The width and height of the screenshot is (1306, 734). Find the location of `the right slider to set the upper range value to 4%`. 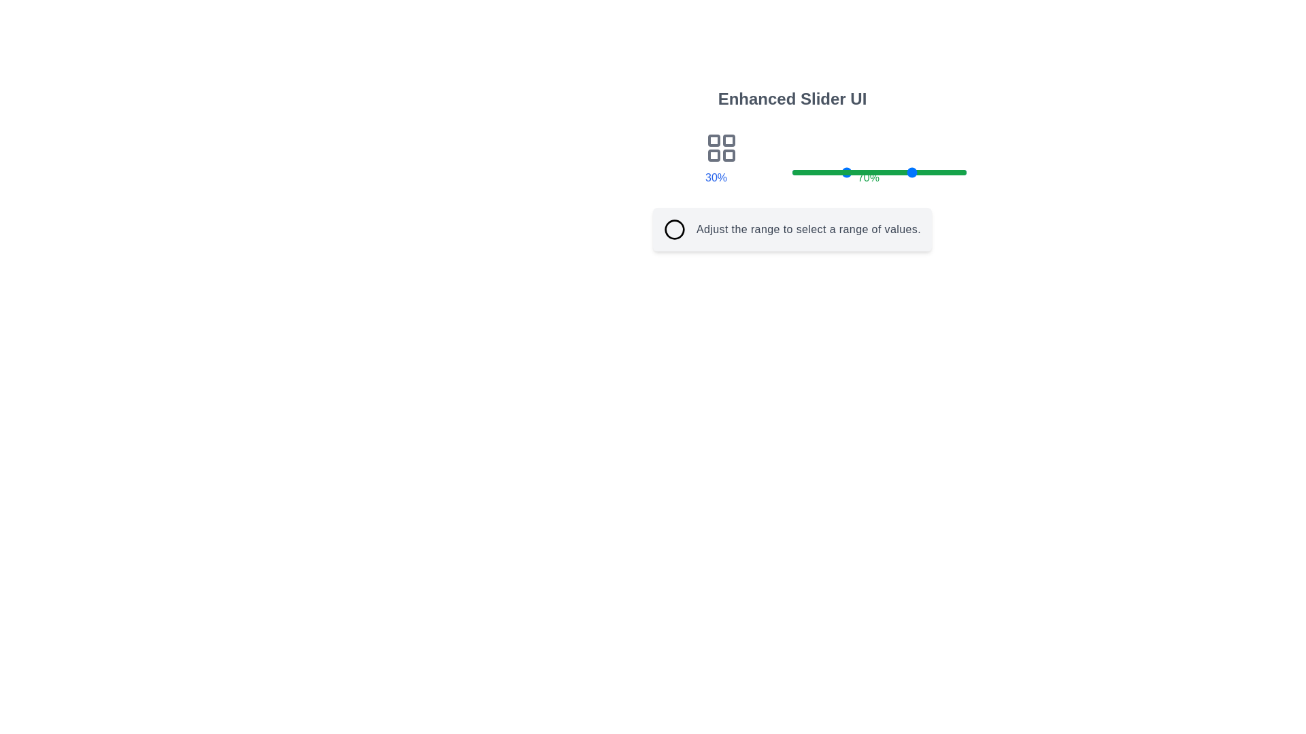

the right slider to set the upper range value to 4% is located at coordinates (799, 172).